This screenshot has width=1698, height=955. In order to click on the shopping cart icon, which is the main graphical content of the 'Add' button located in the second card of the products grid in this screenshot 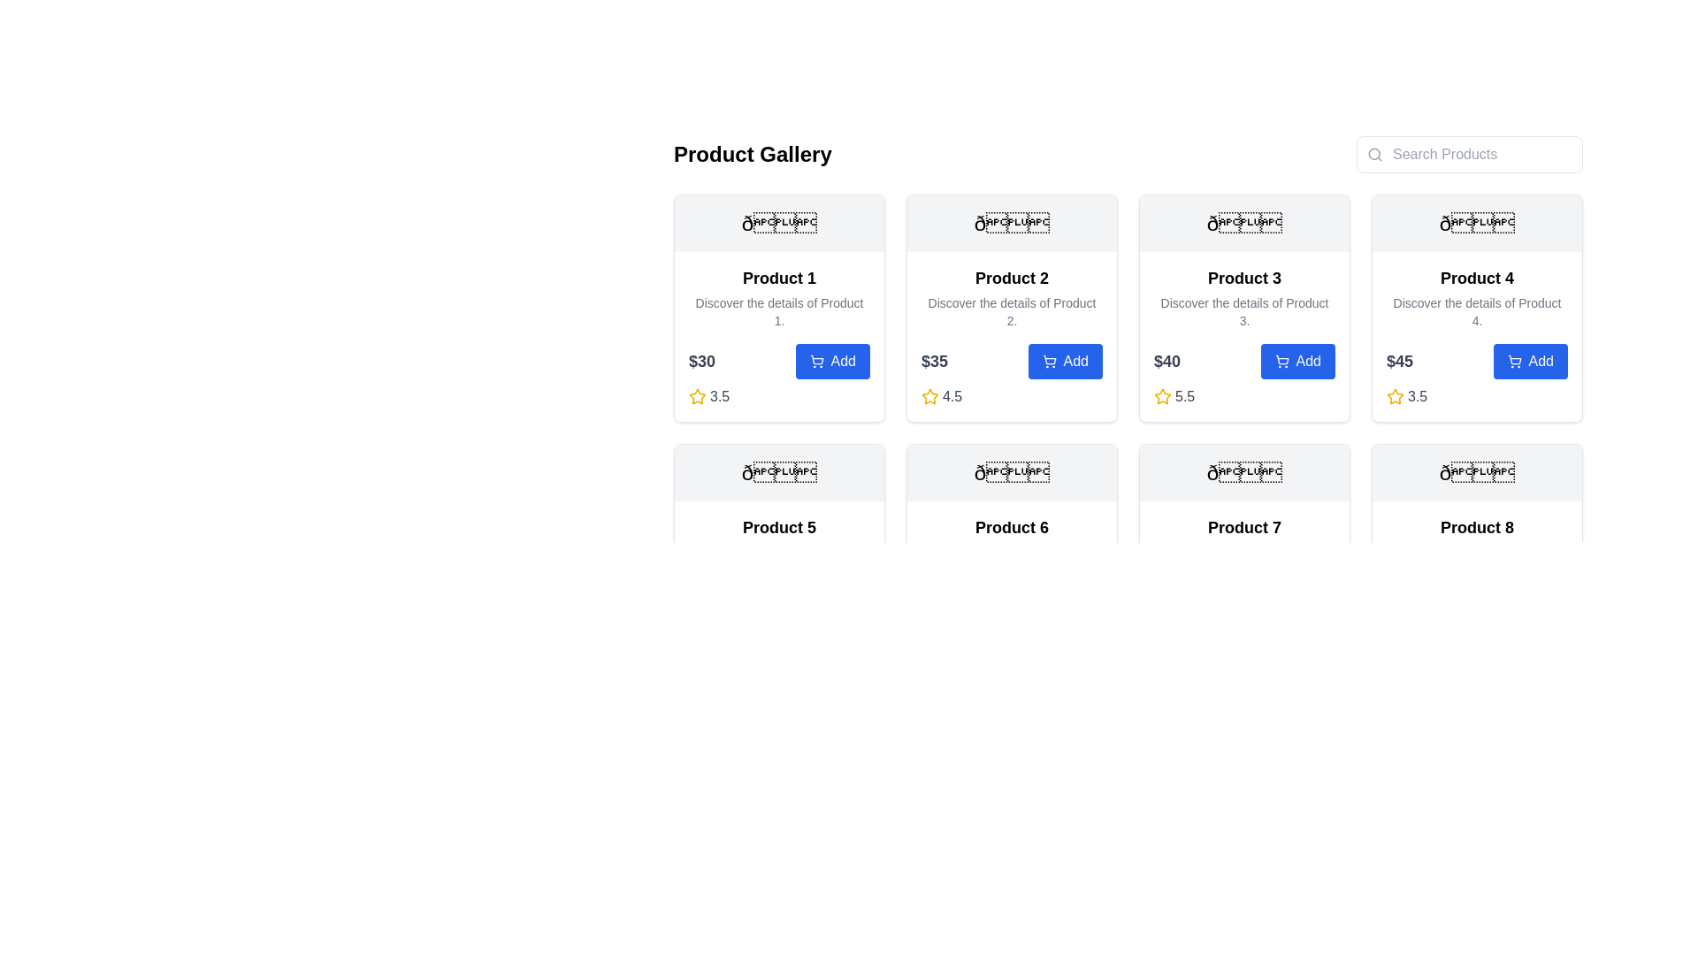, I will do `click(1049, 359)`.